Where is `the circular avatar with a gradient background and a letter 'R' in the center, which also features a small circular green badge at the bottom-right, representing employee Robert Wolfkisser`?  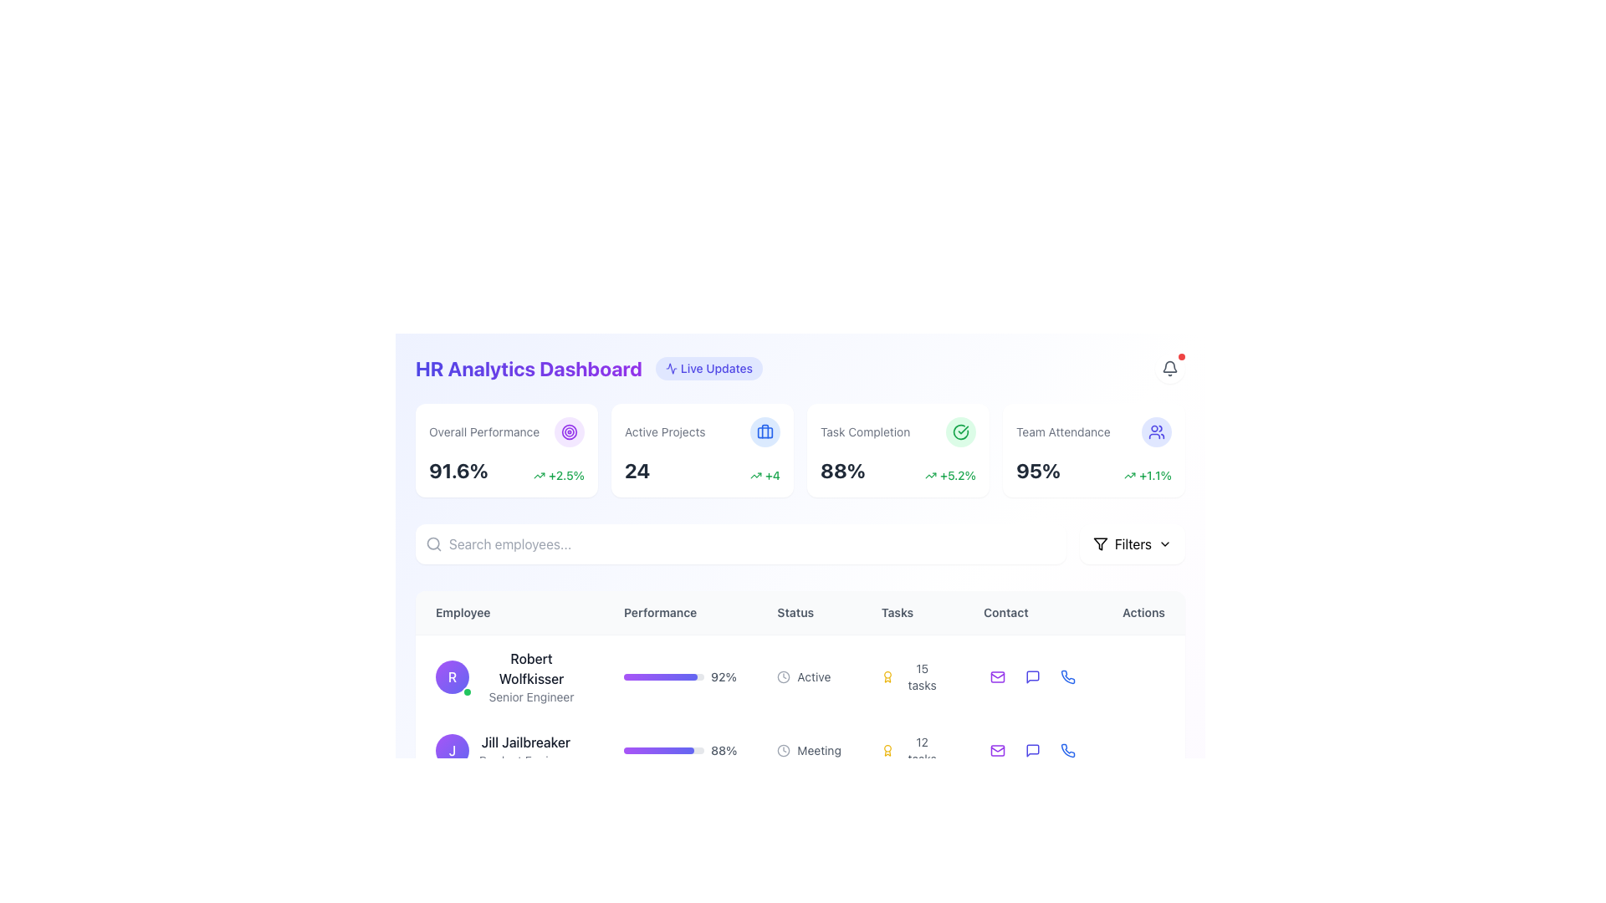 the circular avatar with a gradient background and a letter 'R' in the center, which also features a small circular green badge at the bottom-right, representing employee Robert Wolfkisser is located at coordinates (453, 677).